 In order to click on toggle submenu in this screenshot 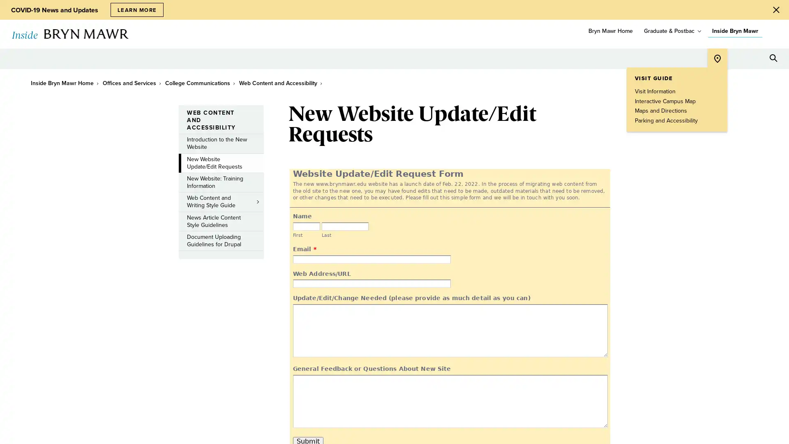, I will do `click(180, 53)`.